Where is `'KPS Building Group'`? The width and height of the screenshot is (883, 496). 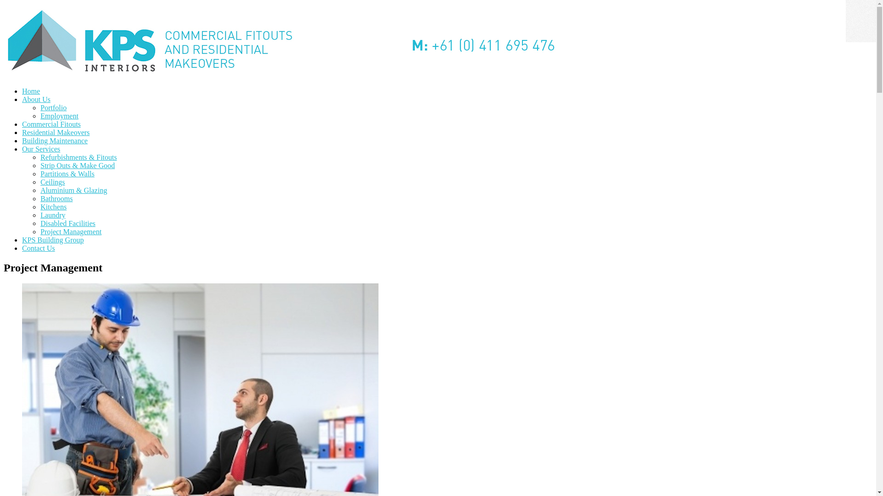
'KPS Building Group' is located at coordinates (52, 239).